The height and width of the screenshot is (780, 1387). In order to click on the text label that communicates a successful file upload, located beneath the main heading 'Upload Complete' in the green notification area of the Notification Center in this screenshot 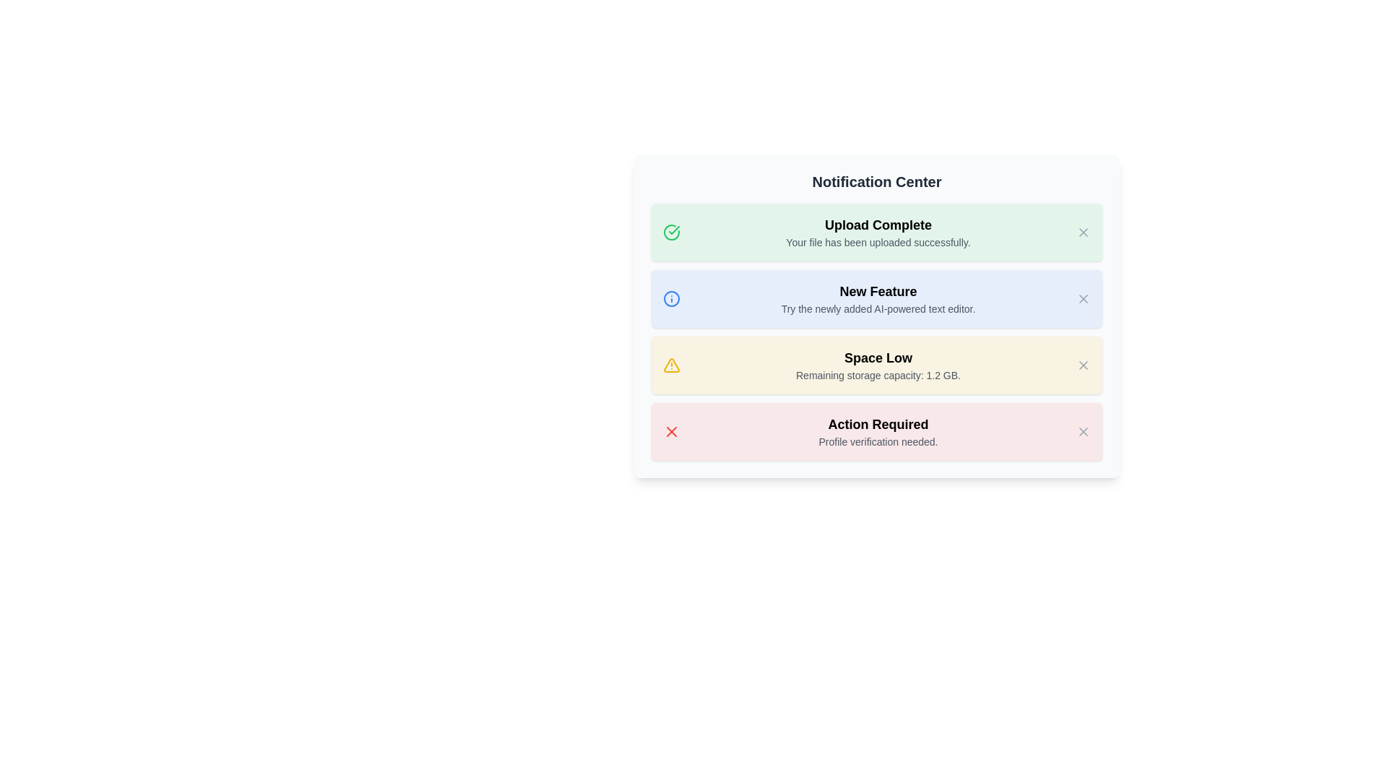, I will do `click(877, 241)`.